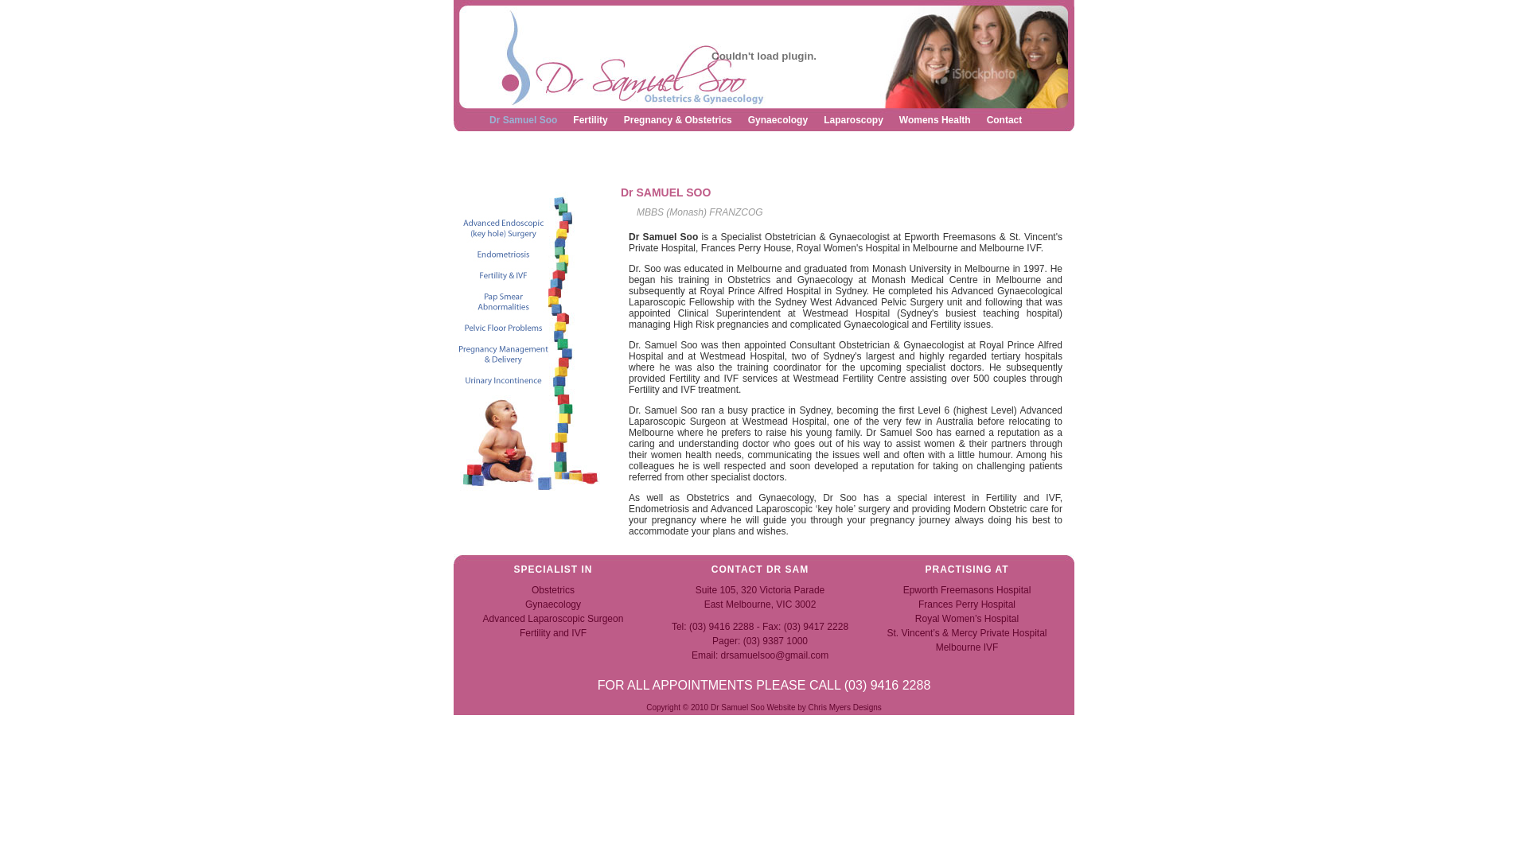 The width and height of the screenshot is (1528, 859). I want to click on 'Pregnancy & Obstetrics', so click(677, 119).